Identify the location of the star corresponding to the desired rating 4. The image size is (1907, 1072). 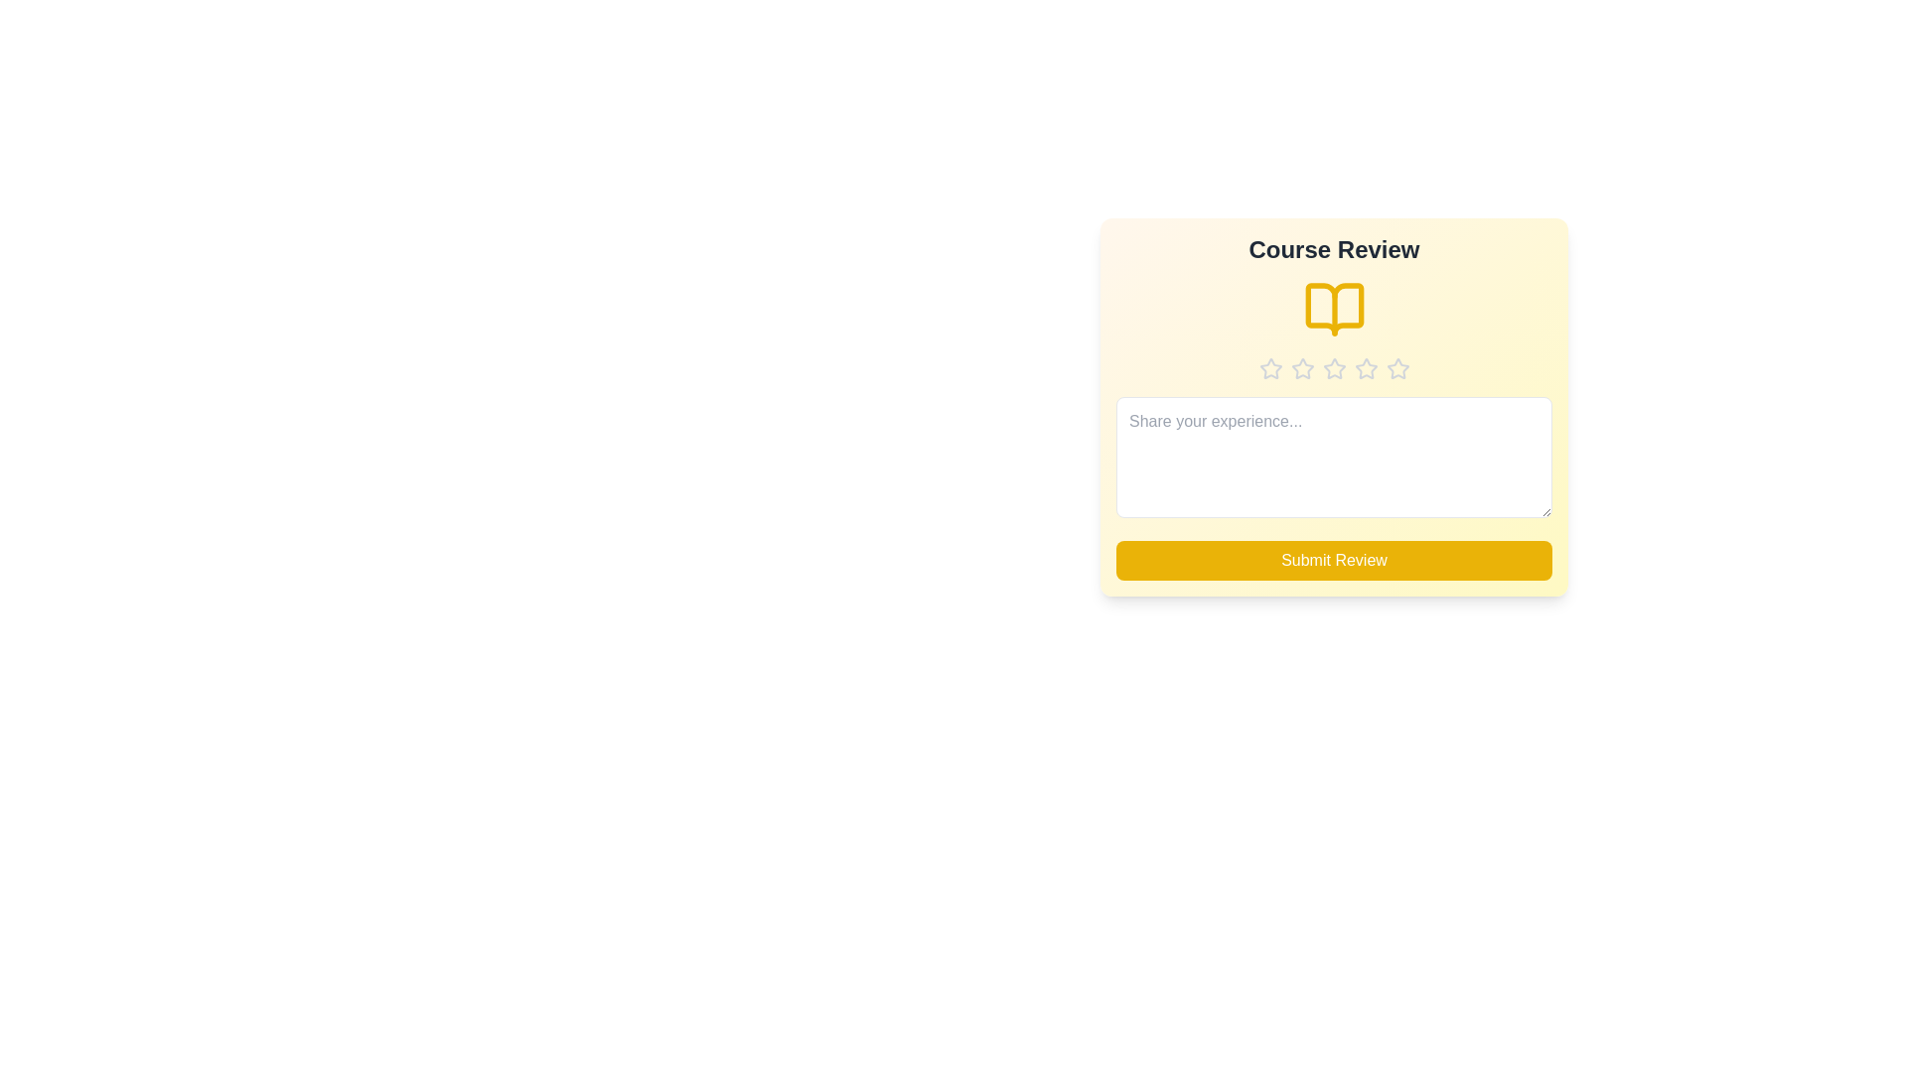
(1365, 368).